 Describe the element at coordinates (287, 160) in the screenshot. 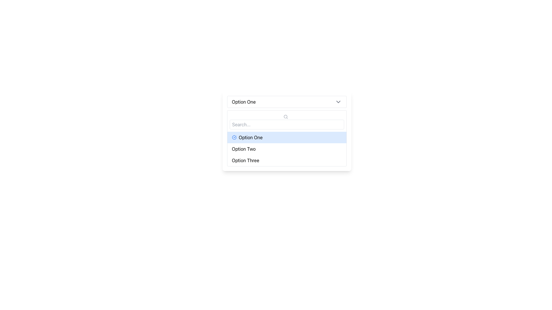

I see `the dropdown menu item labeled 'Option Three'` at that location.